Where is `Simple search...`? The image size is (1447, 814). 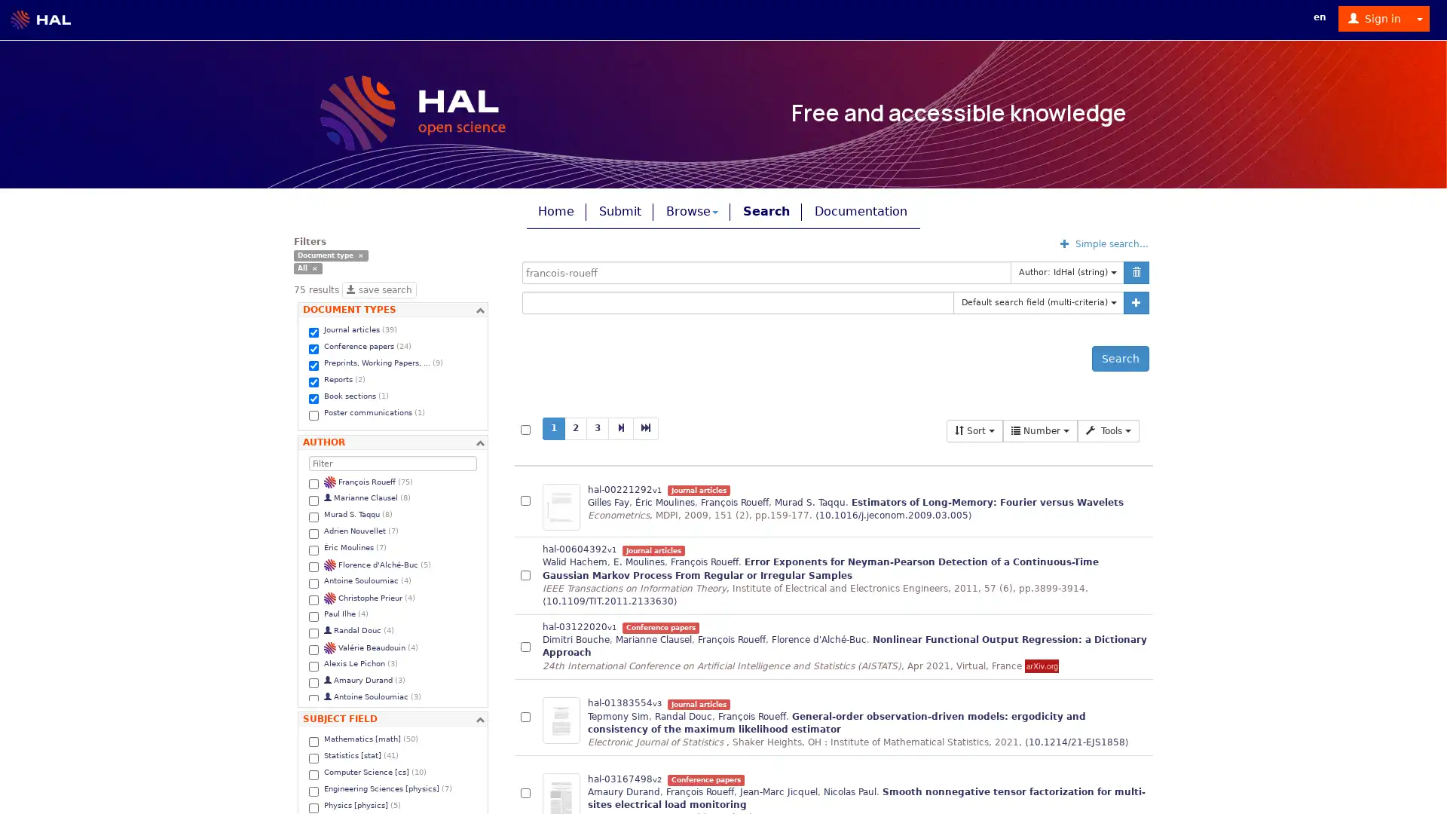
Simple search... is located at coordinates (1104, 243).